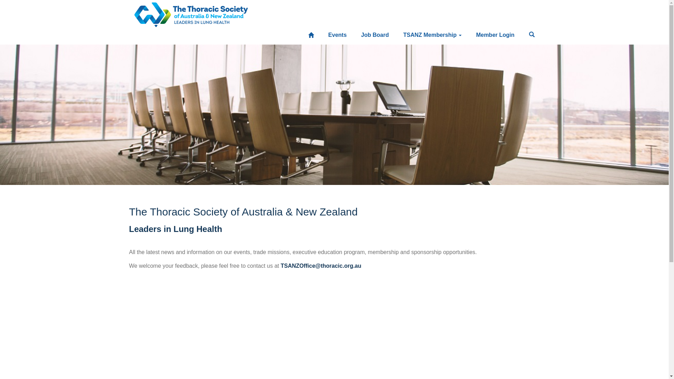 This screenshot has width=674, height=379. Describe the element at coordinates (495, 35) in the screenshot. I see `'Member Login'` at that location.